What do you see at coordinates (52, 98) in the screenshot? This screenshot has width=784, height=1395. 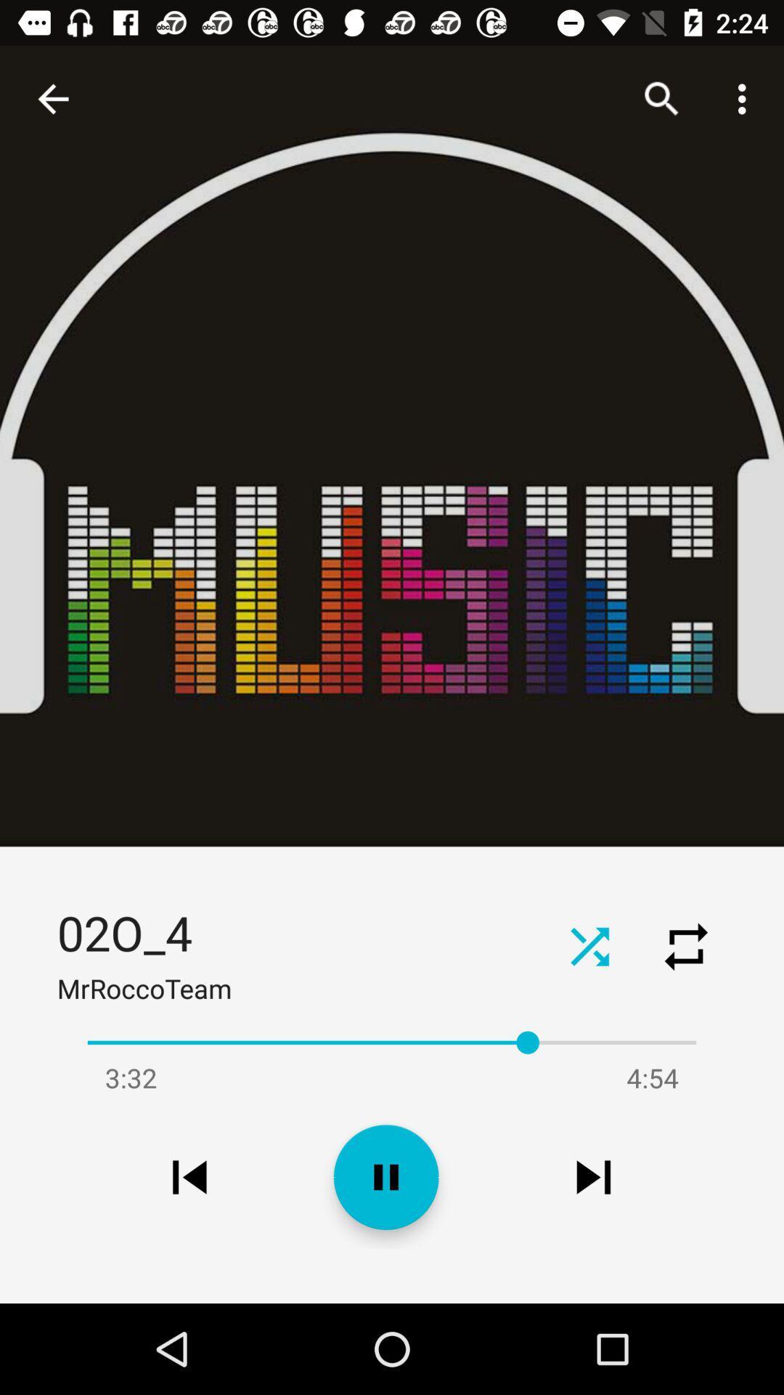 I see `icon at the top left corner` at bounding box center [52, 98].